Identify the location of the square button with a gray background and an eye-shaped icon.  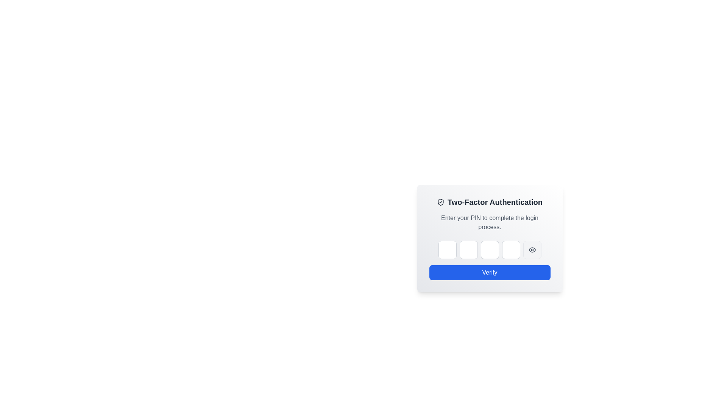
(532, 250).